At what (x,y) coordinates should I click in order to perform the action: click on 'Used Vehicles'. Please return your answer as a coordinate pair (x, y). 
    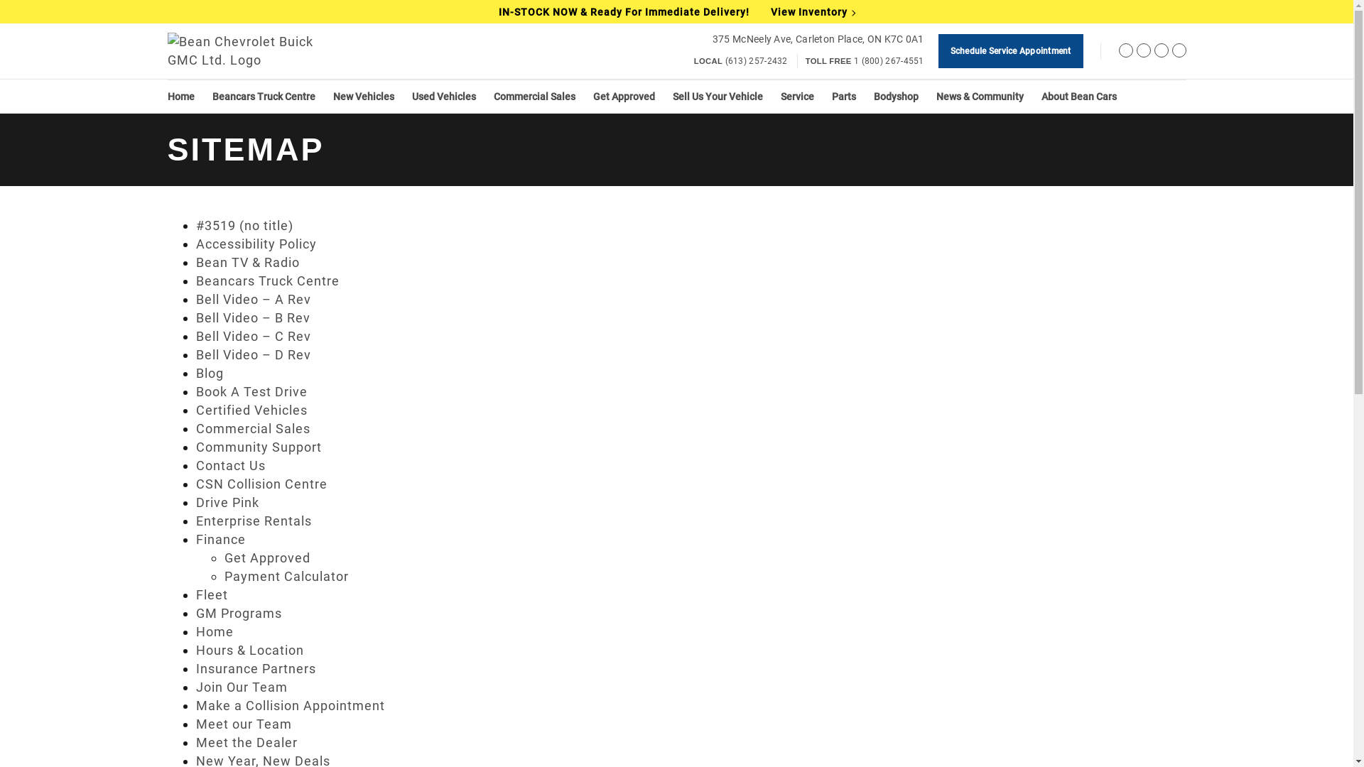
    Looking at the image, I should click on (443, 96).